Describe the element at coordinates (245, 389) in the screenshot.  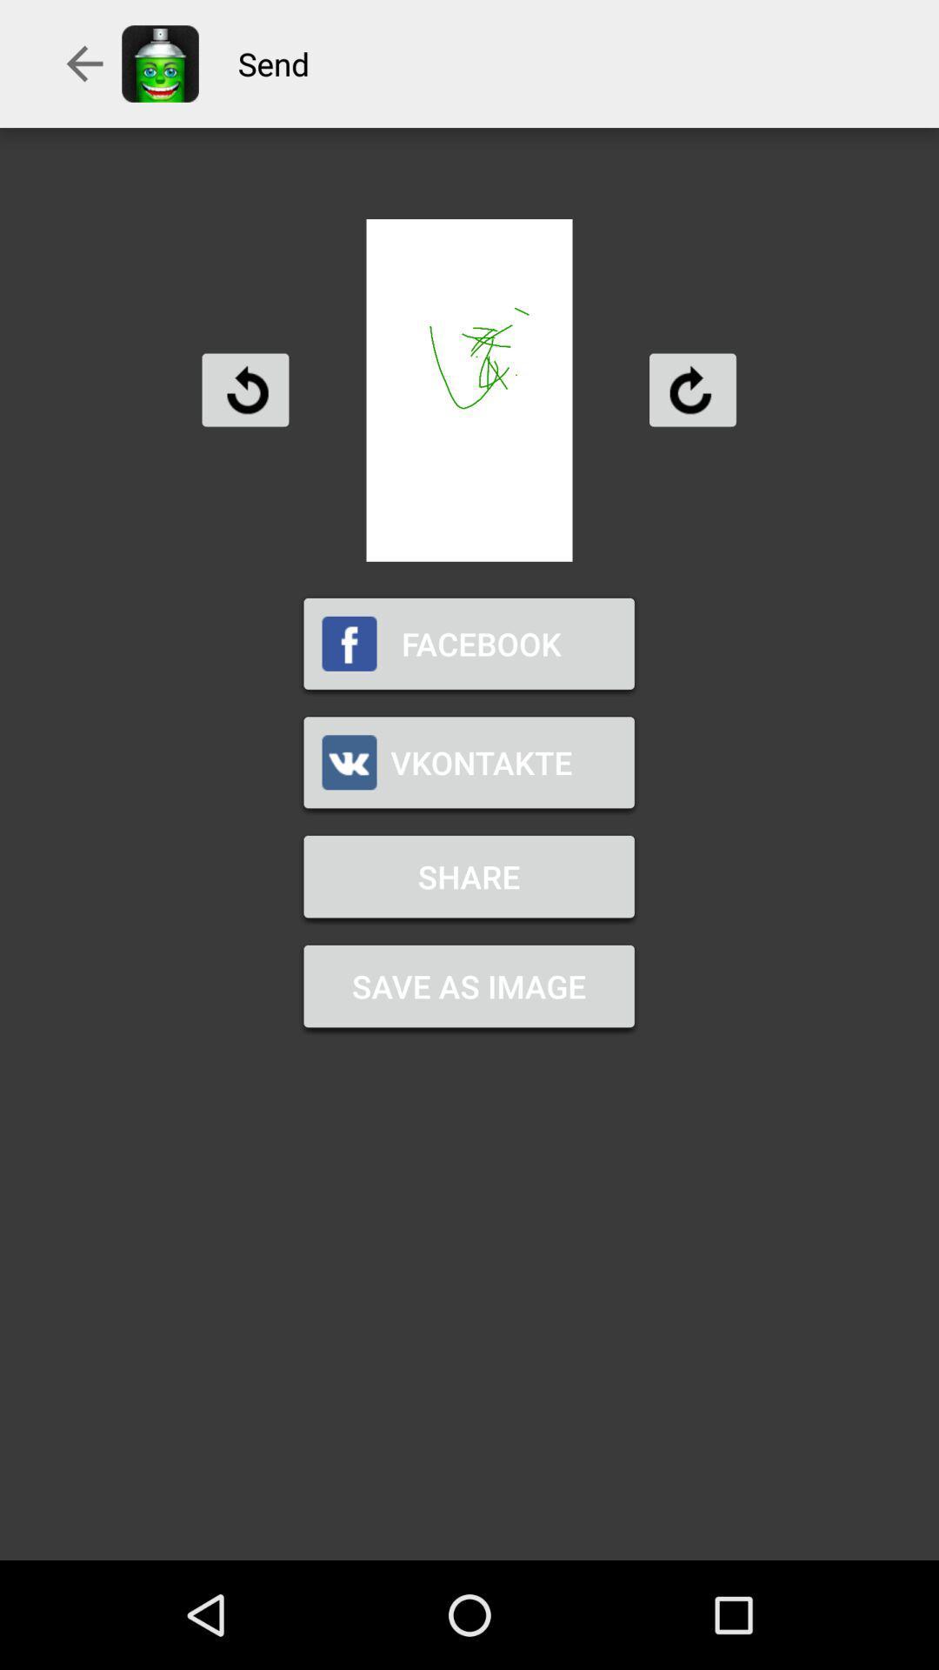
I see `the icon above the facebook item` at that location.